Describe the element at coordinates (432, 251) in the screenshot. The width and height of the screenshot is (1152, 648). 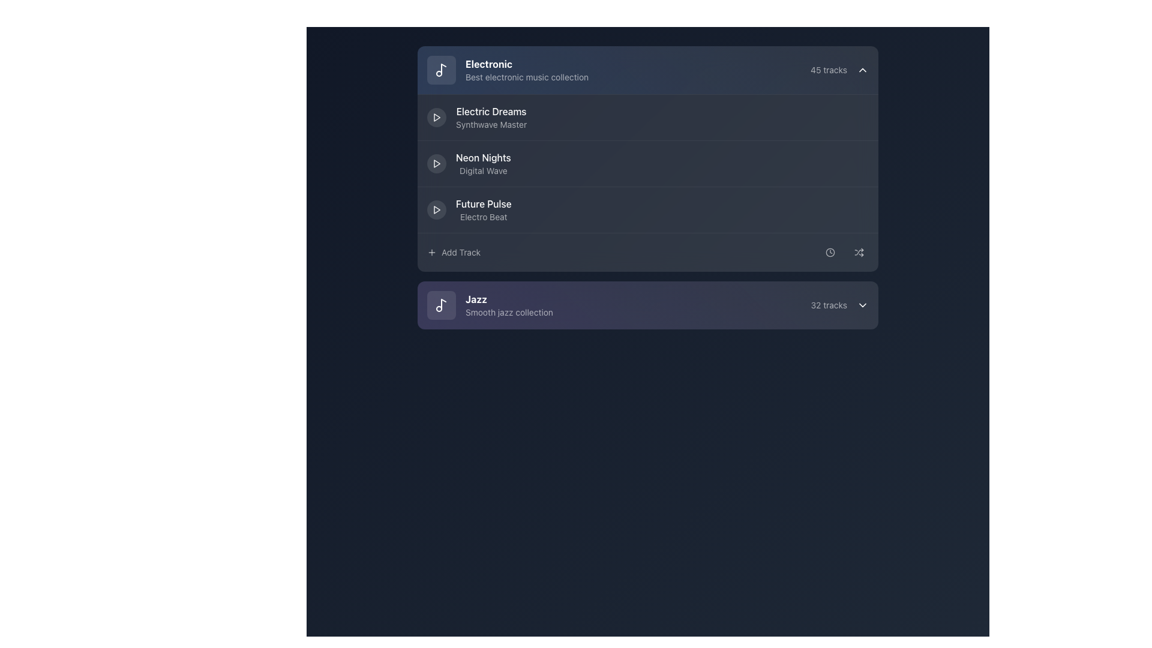
I see `the small plus icon located to the left of the 'Add Track' label within the 'Add Track' button to invoke the functionality for adding a new track` at that location.